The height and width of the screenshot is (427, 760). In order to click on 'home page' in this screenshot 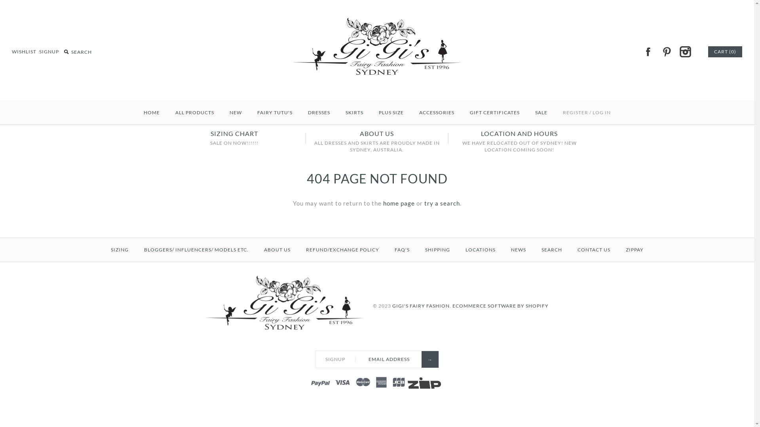, I will do `click(399, 202)`.